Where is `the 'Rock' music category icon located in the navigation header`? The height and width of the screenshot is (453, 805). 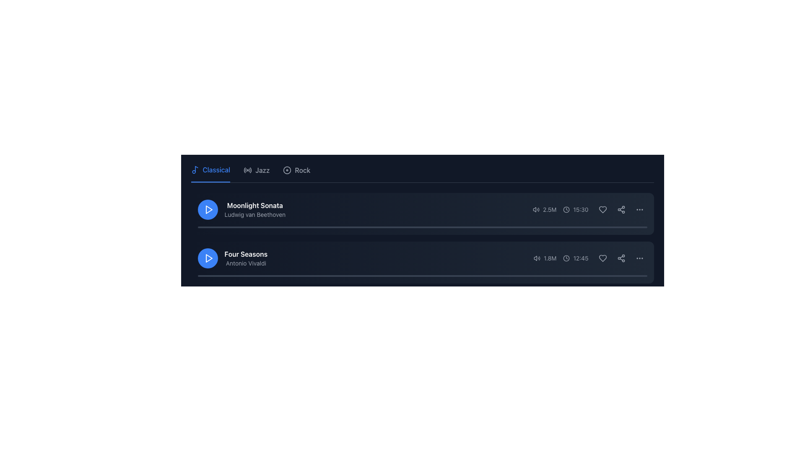 the 'Rock' music category icon located in the navigation header is located at coordinates (287, 170).